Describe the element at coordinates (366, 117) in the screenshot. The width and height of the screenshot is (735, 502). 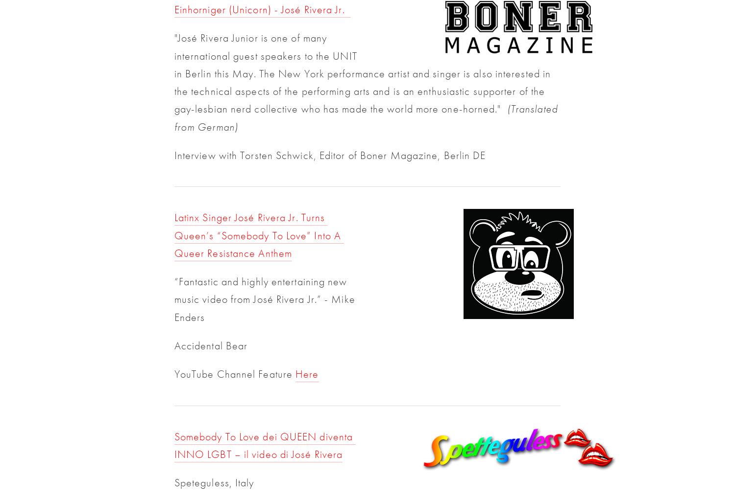
I see `'(Translated from German)'` at that location.